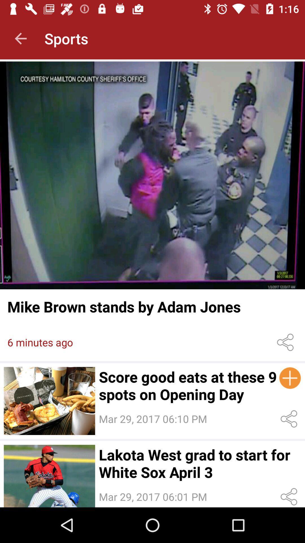 This screenshot has width=305, height=543. What do you see at coordinates (20, 38) in the screenshot?
I see `app to the left of sports app` at bounding box center [20, 38].